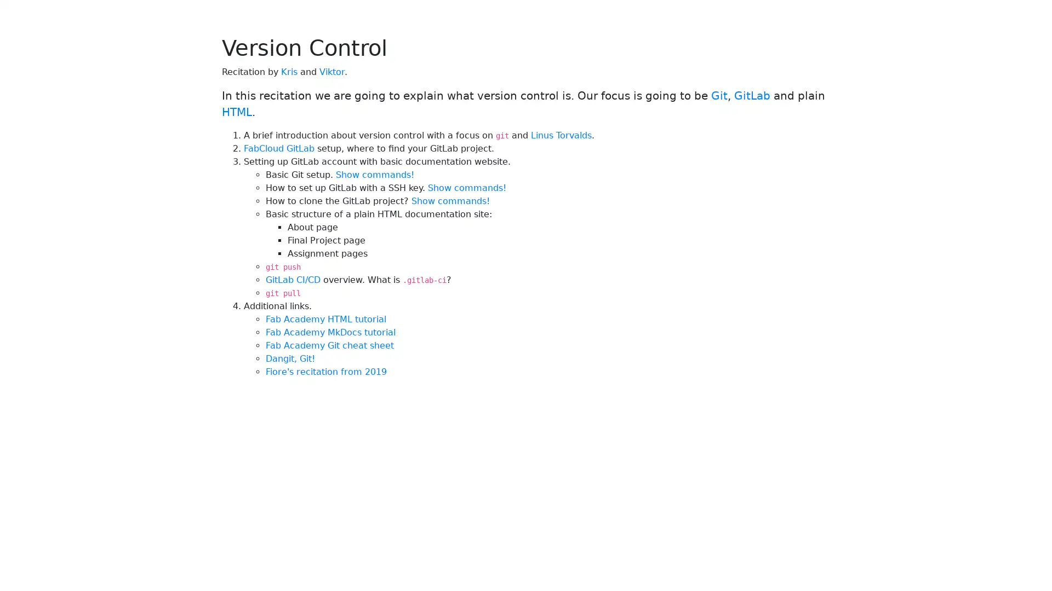 Image resolution: width=1052 pixels, height=591 pixels. What do you see at coordinates (467, 187) in the screenshot?
I see `Show commands!` at bounding box center [467, 187].